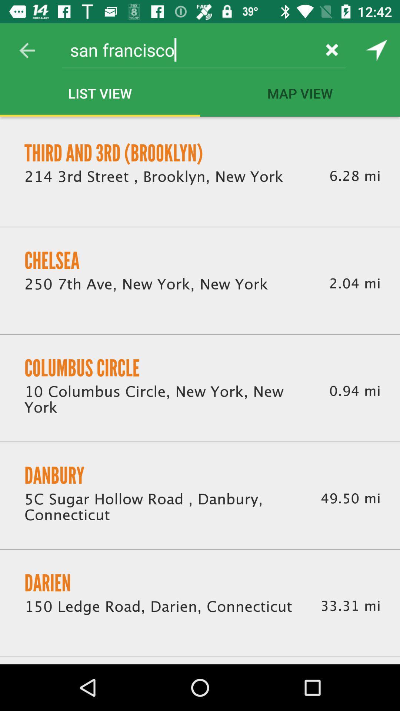 Image resolution: width=400 pixels, height=711 pixels. What do you see at coordinates (27, 50) in the screenshot?
I see `the item above third and 3rd item` at bounding box center [27, 50].